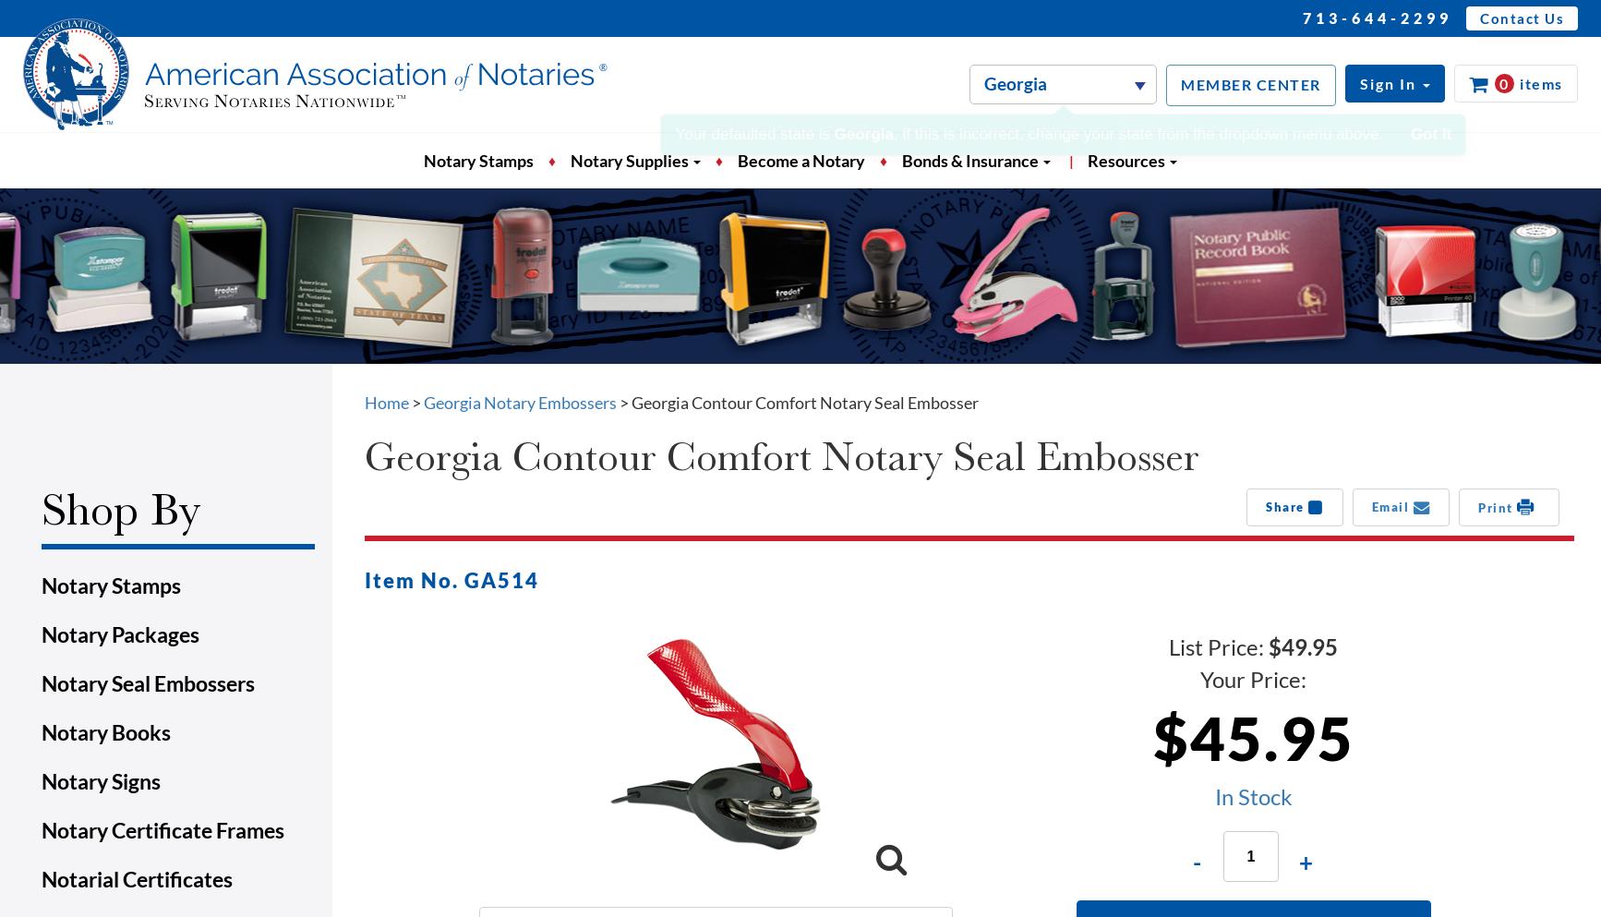  Describe the element at coordinates (1249, 83) in the screenshot. I see `'MEMBER CENTER'` at that location.